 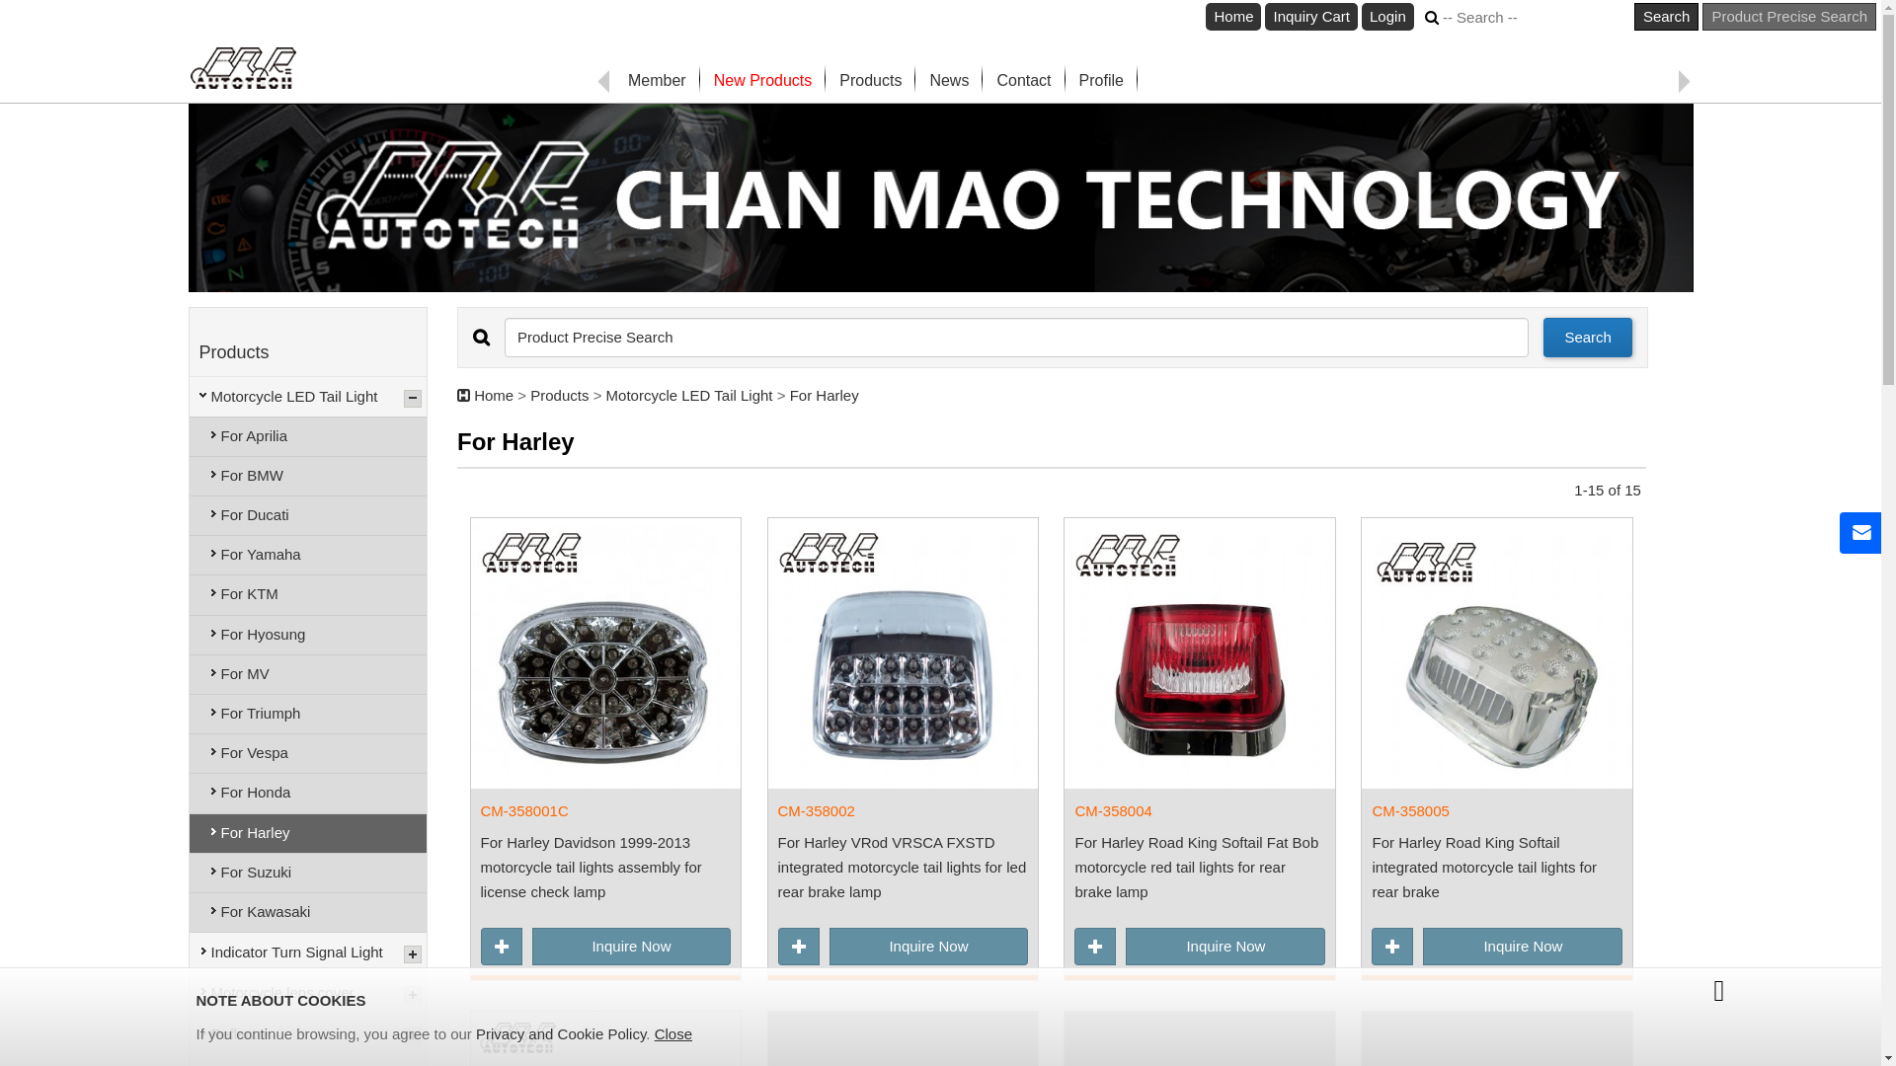 I want to click on 'For Suzuki', so click(x=307, y=872).